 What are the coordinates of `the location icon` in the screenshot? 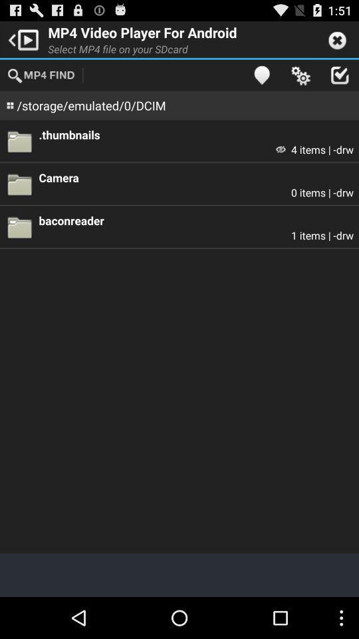 It's located at (261, 80).